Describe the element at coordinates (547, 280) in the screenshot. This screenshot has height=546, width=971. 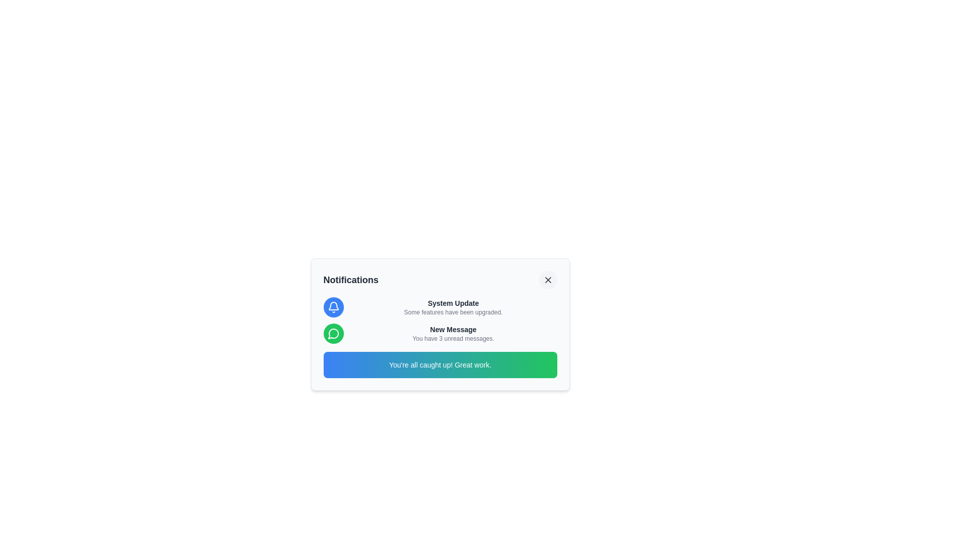
I see `the cross icon located at the top-right corner of the notification dialog` at that location.